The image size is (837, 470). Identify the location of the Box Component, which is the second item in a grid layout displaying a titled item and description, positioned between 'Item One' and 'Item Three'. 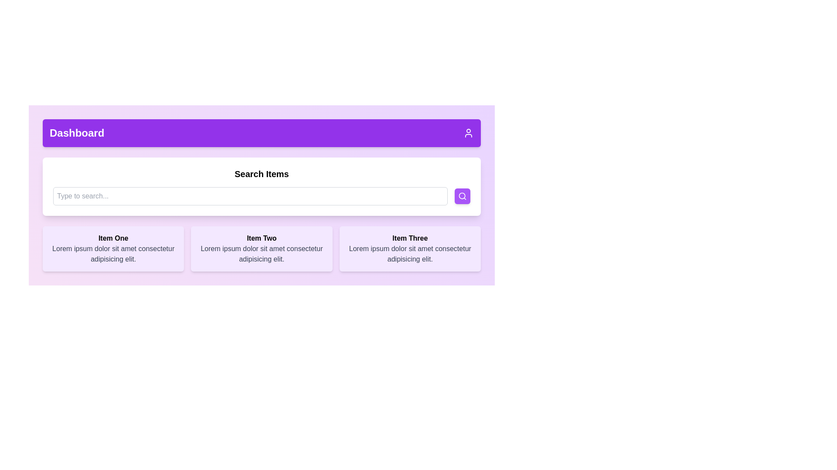
(261, 248).